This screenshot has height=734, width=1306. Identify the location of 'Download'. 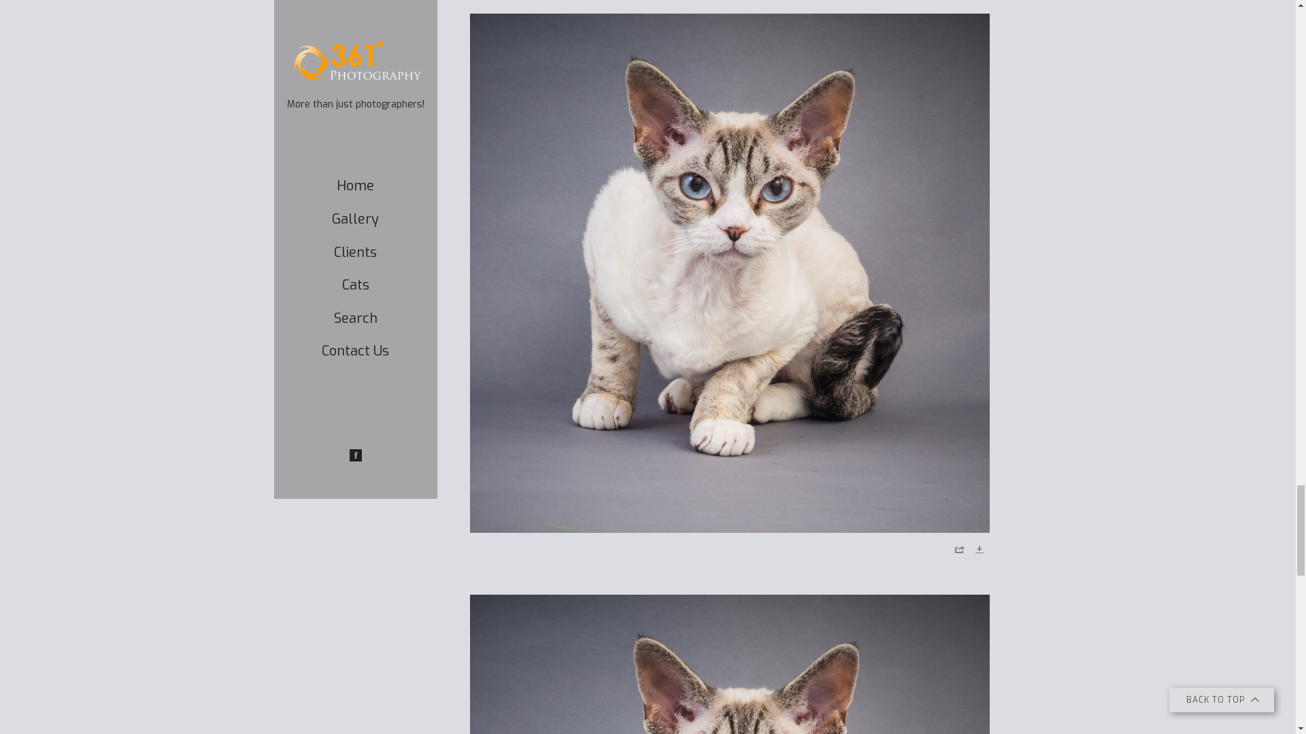
(978, 550).